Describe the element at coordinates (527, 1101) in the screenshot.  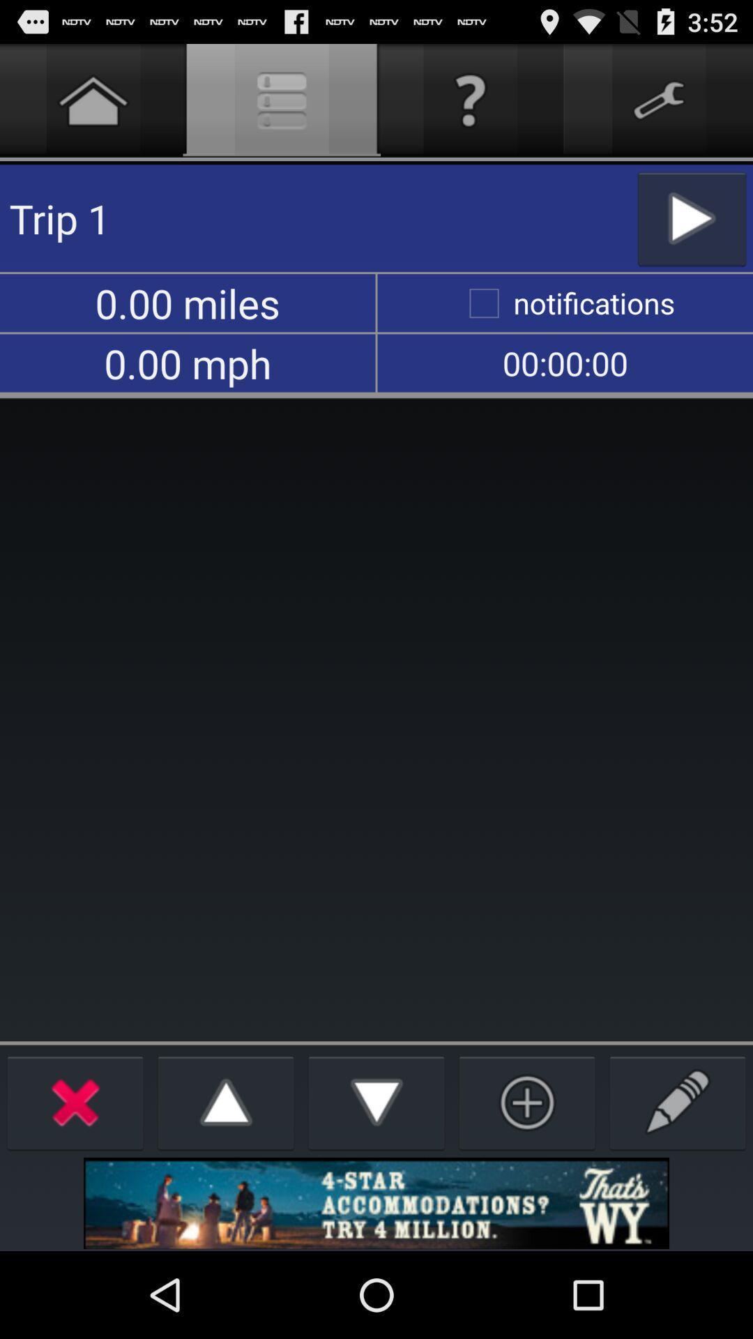
I see `new trip` at that location.